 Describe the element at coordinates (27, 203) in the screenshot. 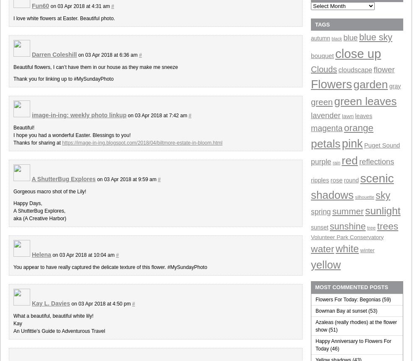

I see `'Happy Days,'` at that location.